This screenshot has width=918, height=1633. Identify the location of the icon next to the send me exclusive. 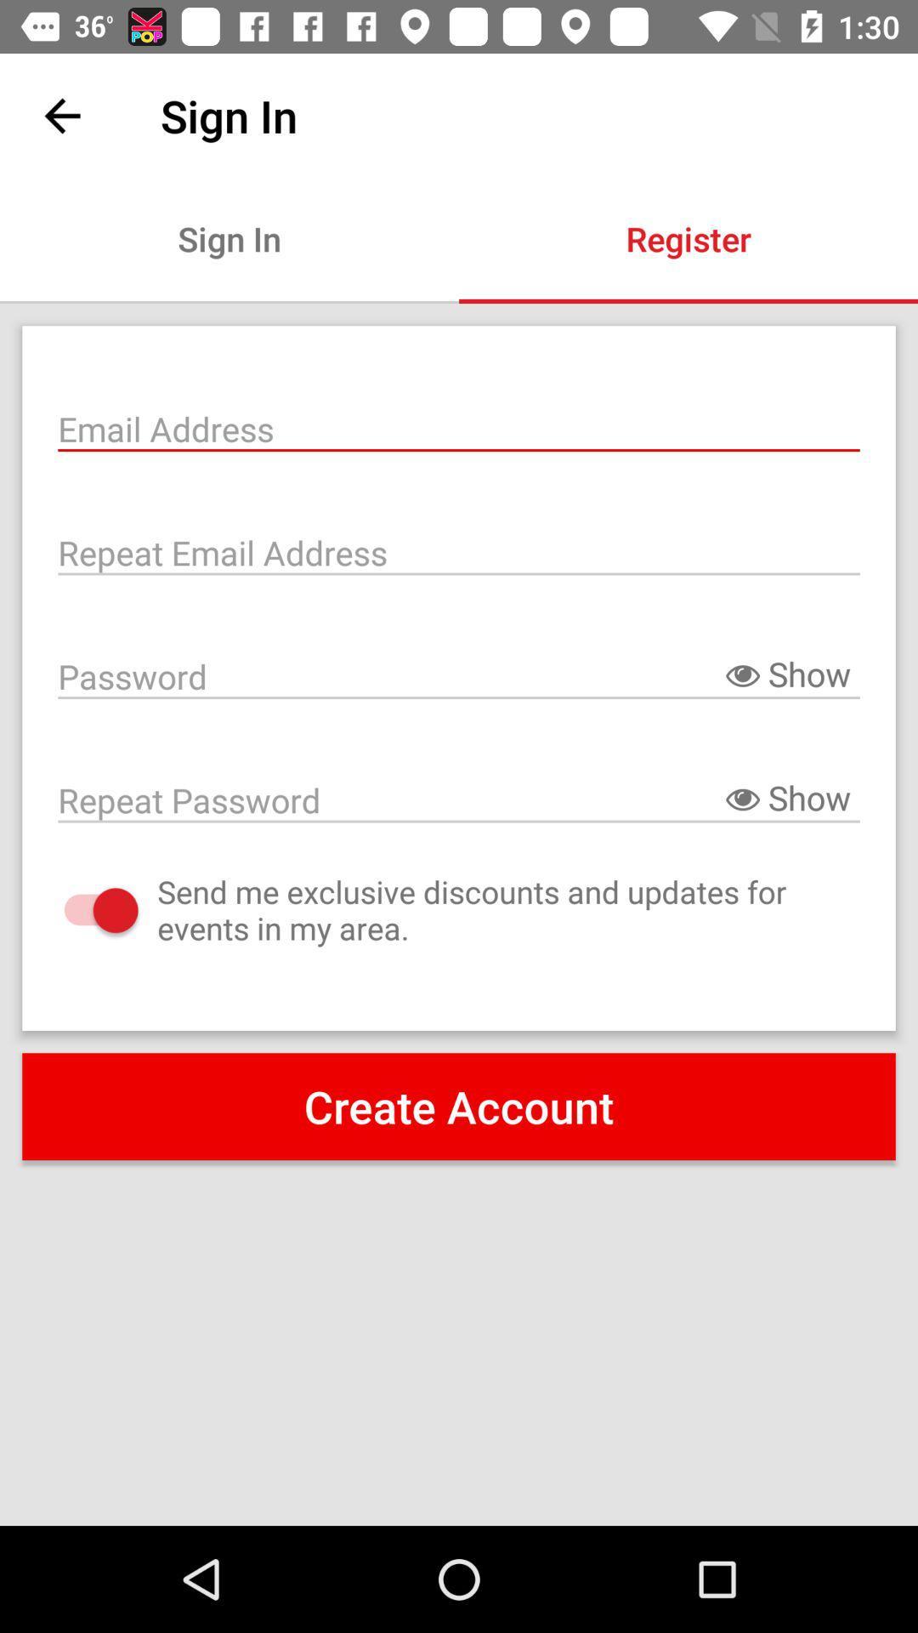
(84, 909).